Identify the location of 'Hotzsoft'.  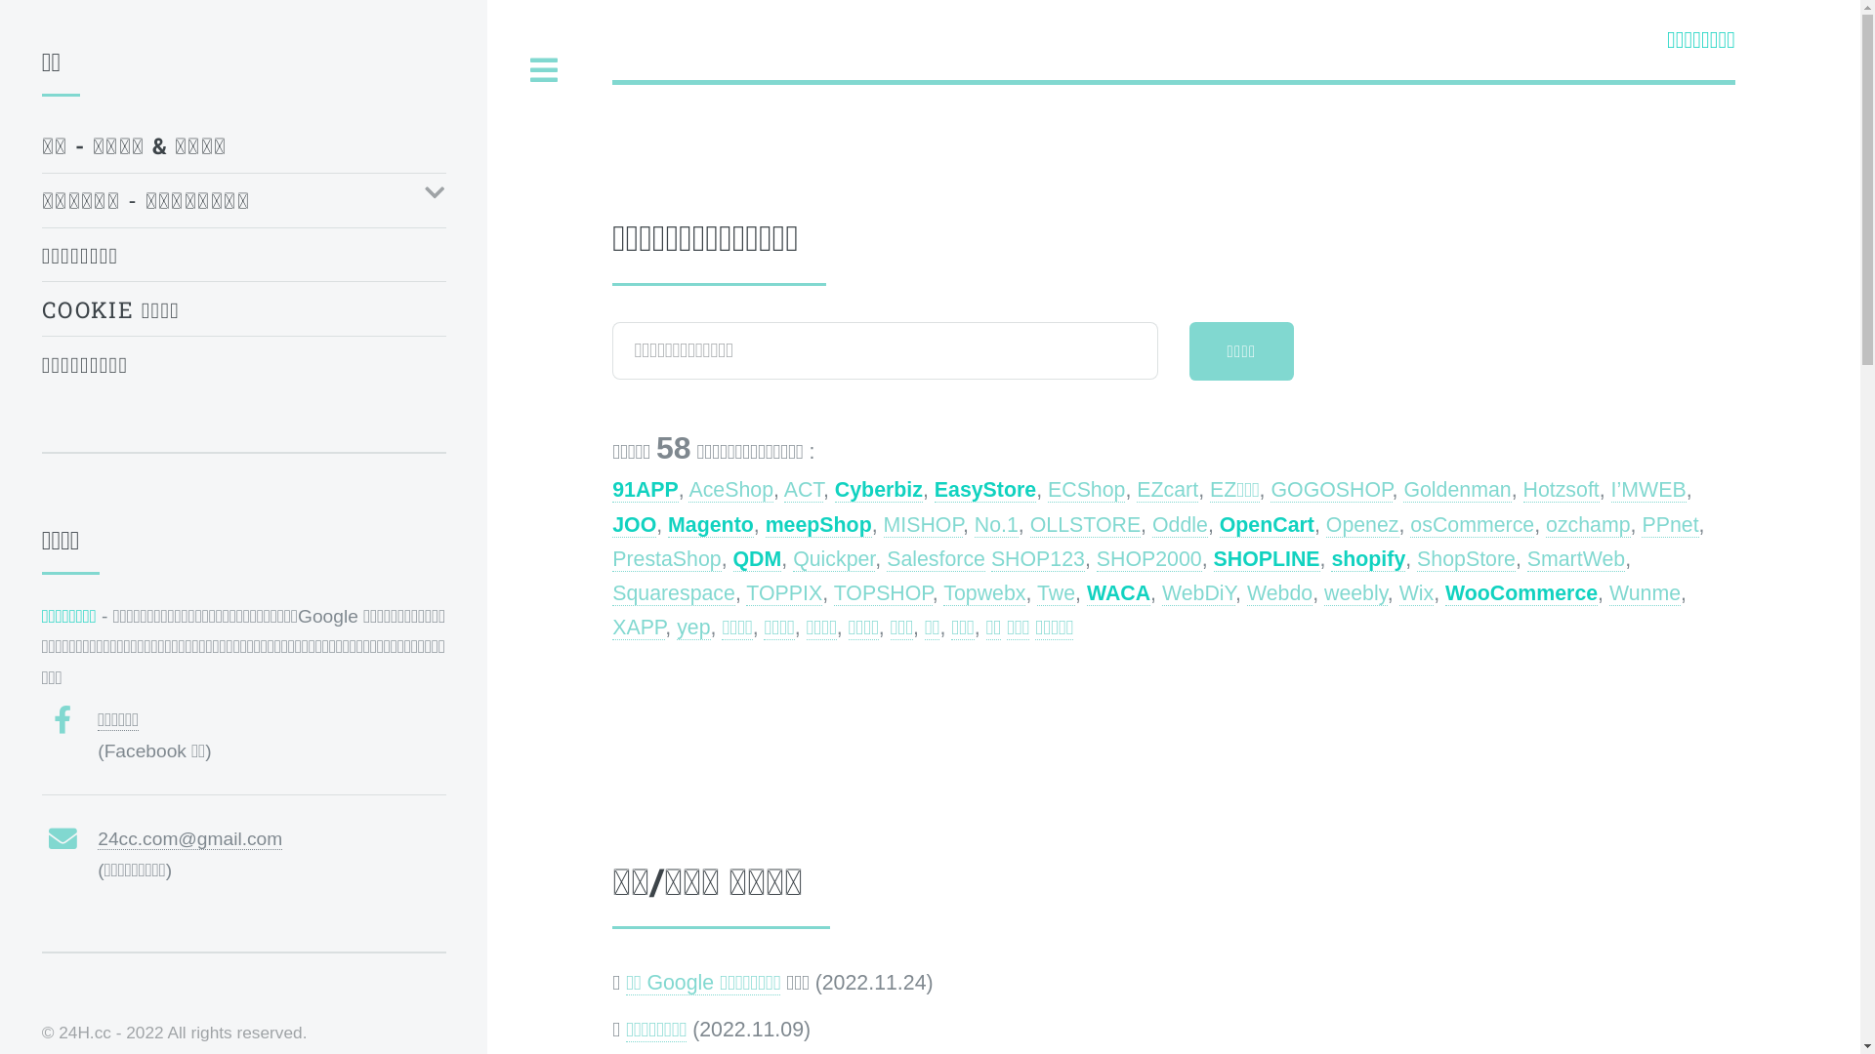
(1560, 489).